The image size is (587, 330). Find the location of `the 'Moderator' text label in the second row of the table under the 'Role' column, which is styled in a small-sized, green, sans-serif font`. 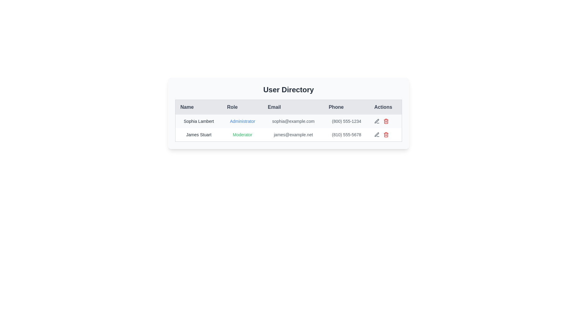

the 'Moderator' text label in the second row of the table under the 'Role' column, which is styled in a small-sized, green, sans-serif font is located at coordinates (242, 134).